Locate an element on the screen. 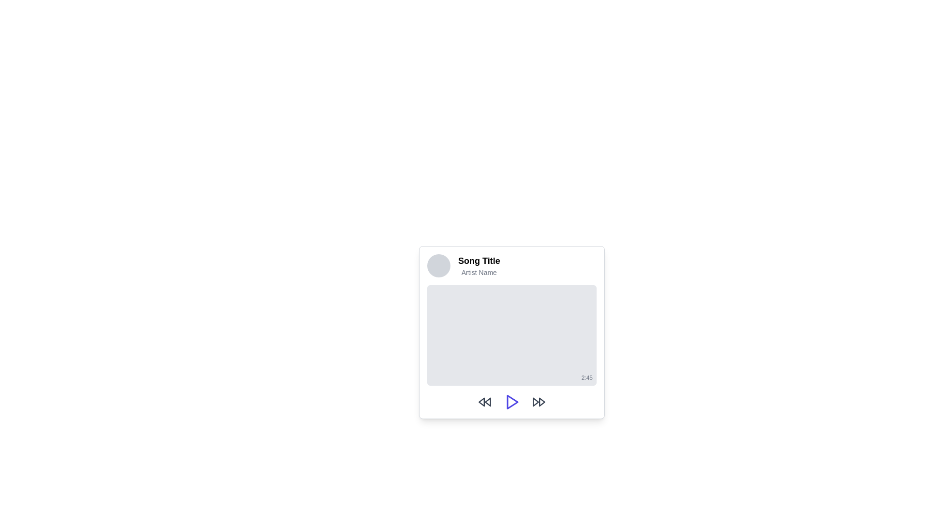 The height and width of the screenshot is (522, 929). the Text display element that shows the song title in bold and larger font, followed by the artist name in smaller gray text, located in the header area of the media player interface is located at coordinates (479, 266).